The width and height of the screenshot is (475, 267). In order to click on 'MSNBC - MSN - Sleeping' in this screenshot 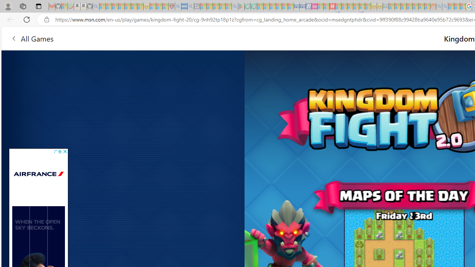, I will do `click(392, 6)`.